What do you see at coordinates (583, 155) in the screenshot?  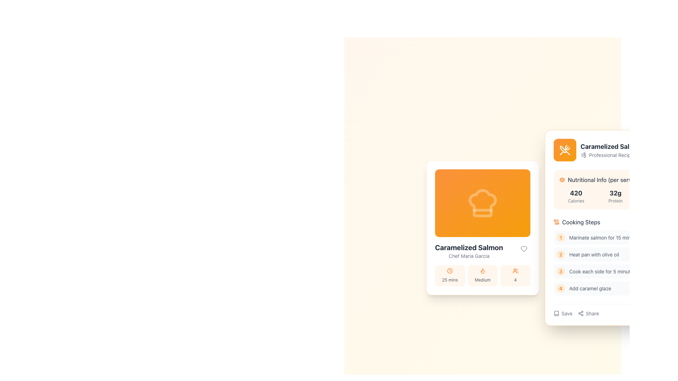 I see `the thermometer icon with a sun that is located to the left of the 'Professional Recipe' text in the recipe card section` at bounding box center [583, 155].